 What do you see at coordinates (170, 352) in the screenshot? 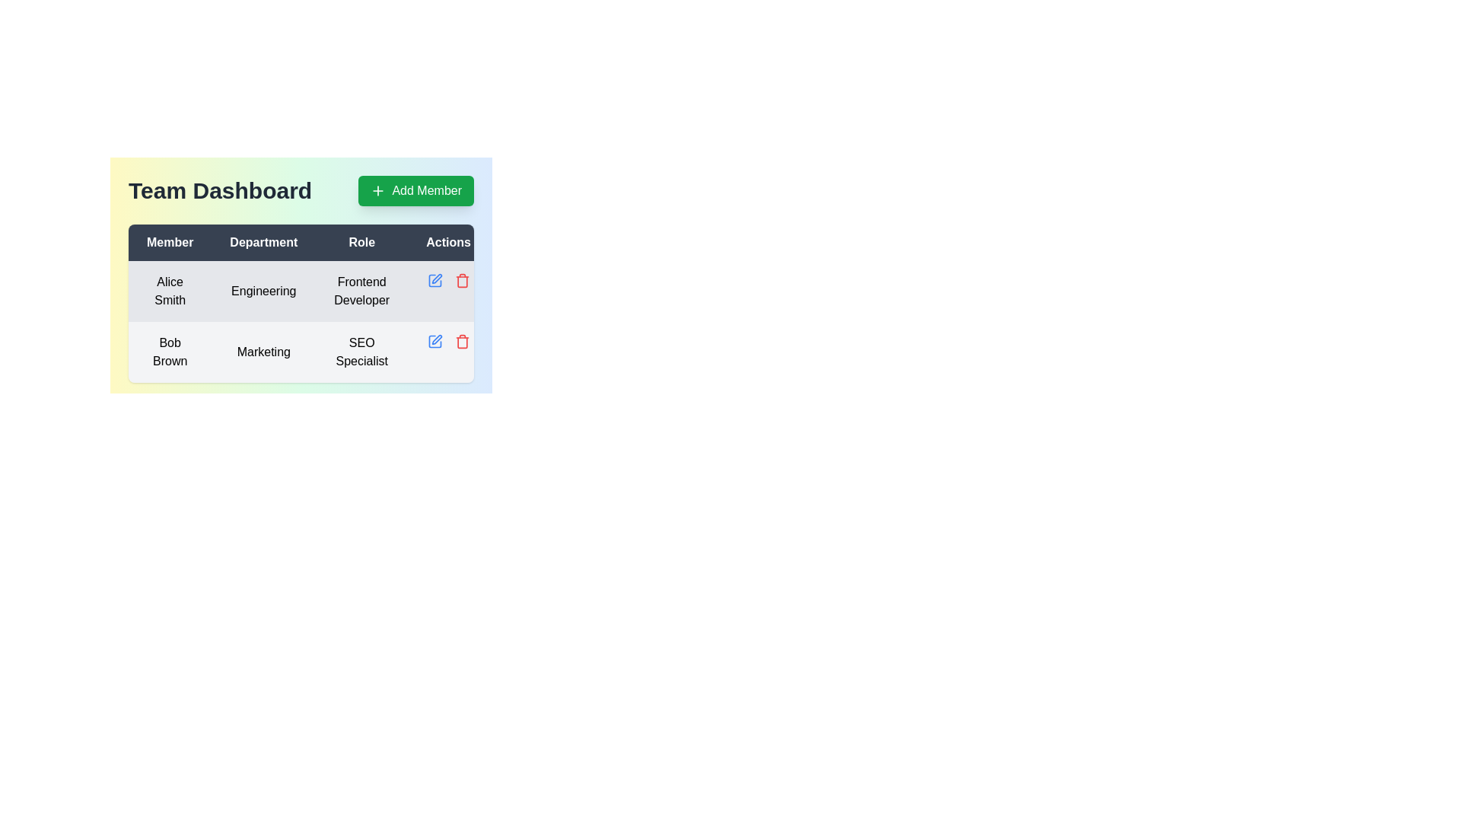
I see `the Text element displaying the name 'Bob Brown' in the first column of the second row of the table labeled 'Member'` at bounding box center [170, 352].